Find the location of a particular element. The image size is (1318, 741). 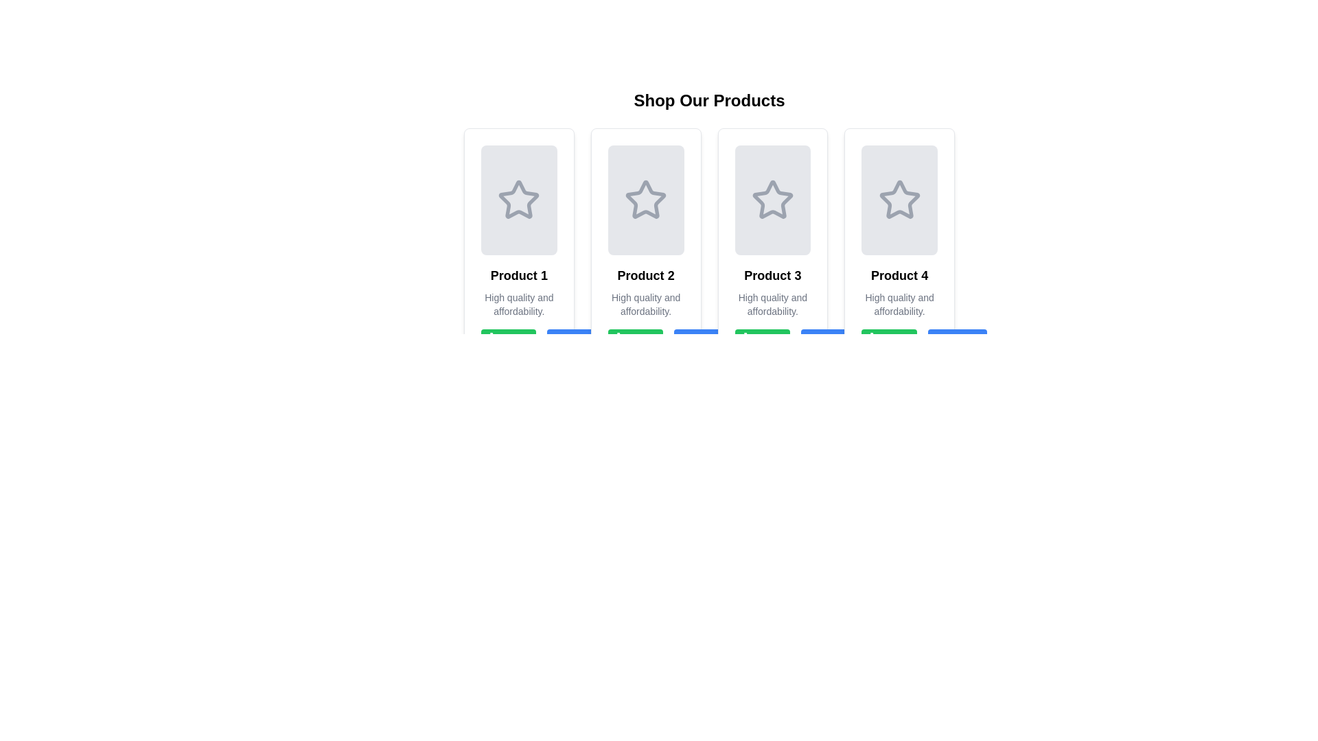

the product card displaying information about a specific product, which is positioned second in a grid of four items is located at coordinates (645, 248).